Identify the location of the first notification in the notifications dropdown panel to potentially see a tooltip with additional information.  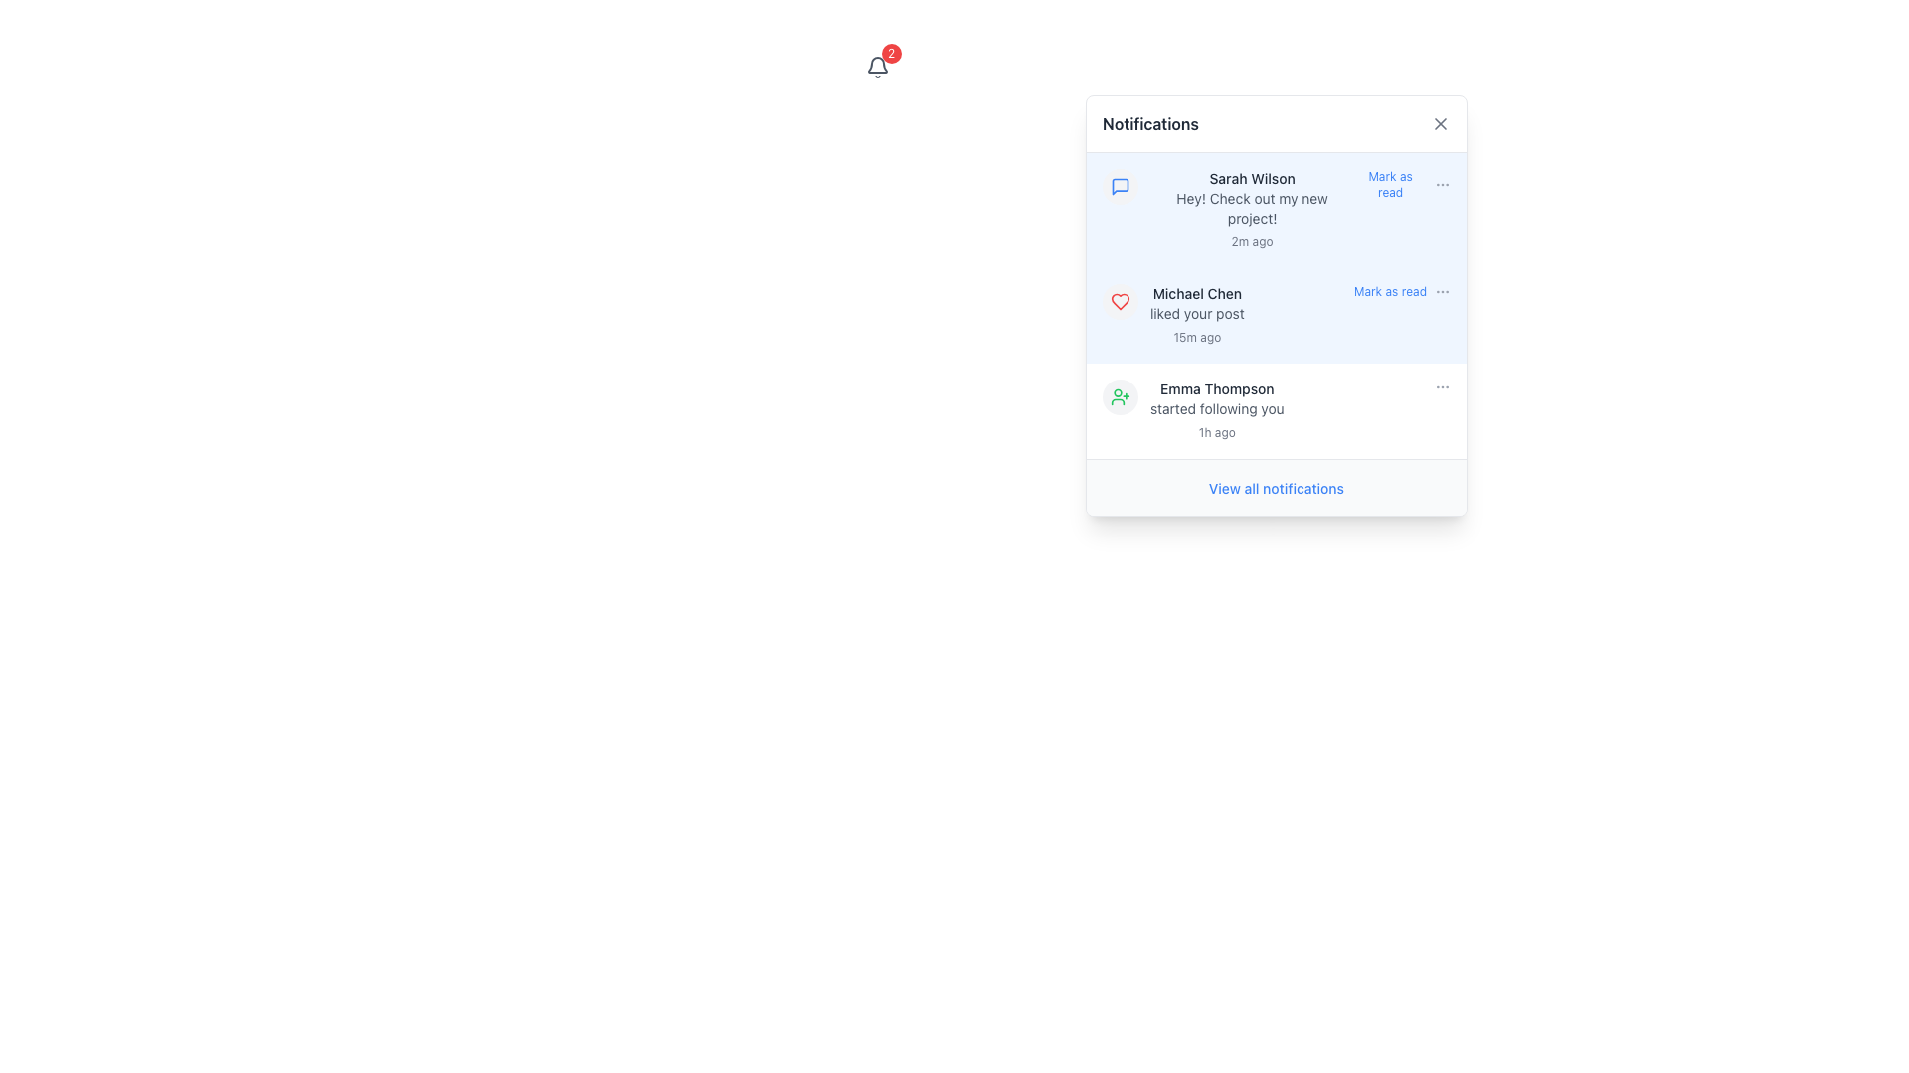
(1301, 211).